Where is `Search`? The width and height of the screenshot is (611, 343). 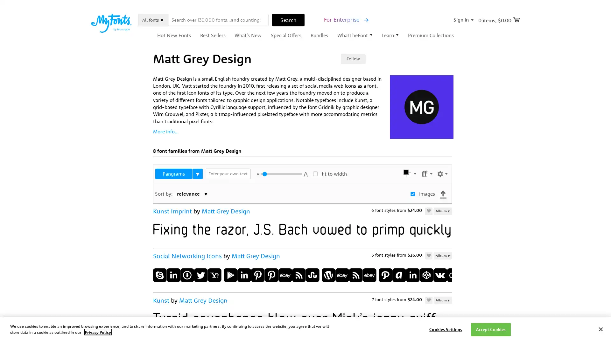
Search is located at coordinates (288, 19).